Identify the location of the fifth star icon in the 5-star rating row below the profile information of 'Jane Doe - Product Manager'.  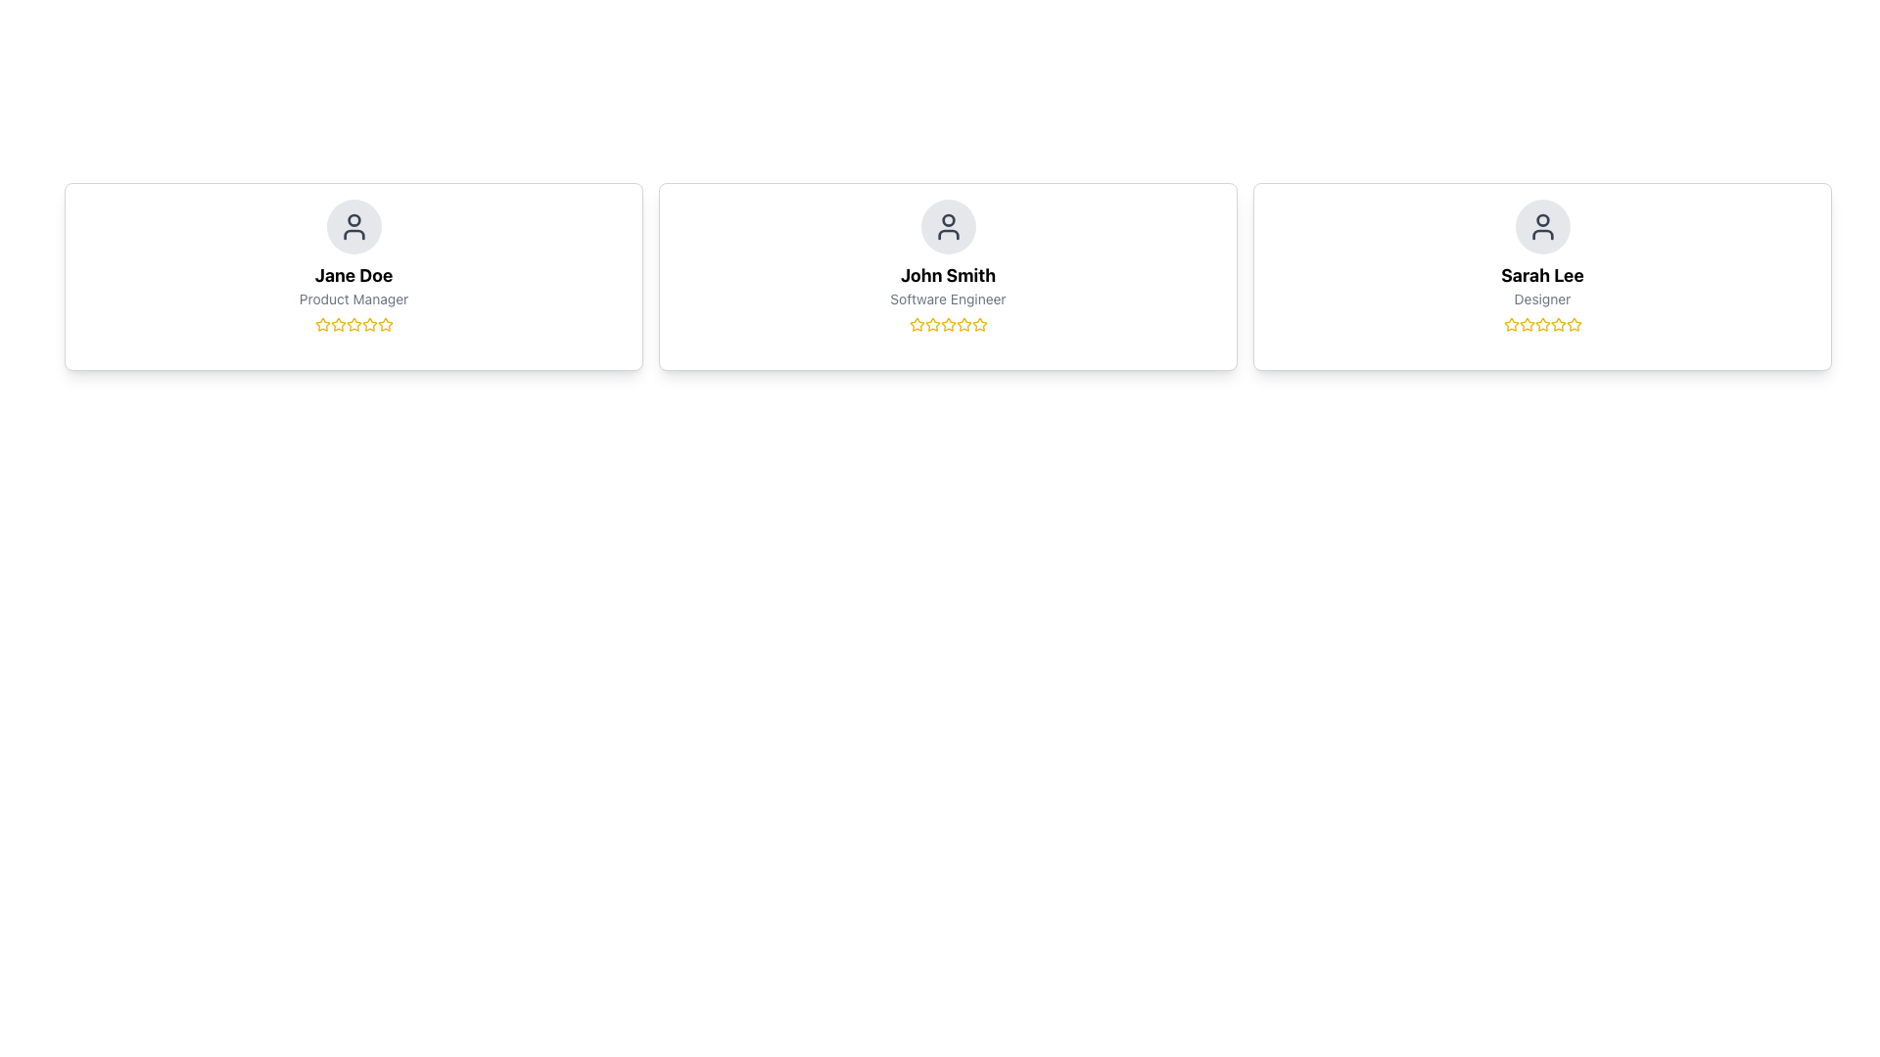
(369, 323).